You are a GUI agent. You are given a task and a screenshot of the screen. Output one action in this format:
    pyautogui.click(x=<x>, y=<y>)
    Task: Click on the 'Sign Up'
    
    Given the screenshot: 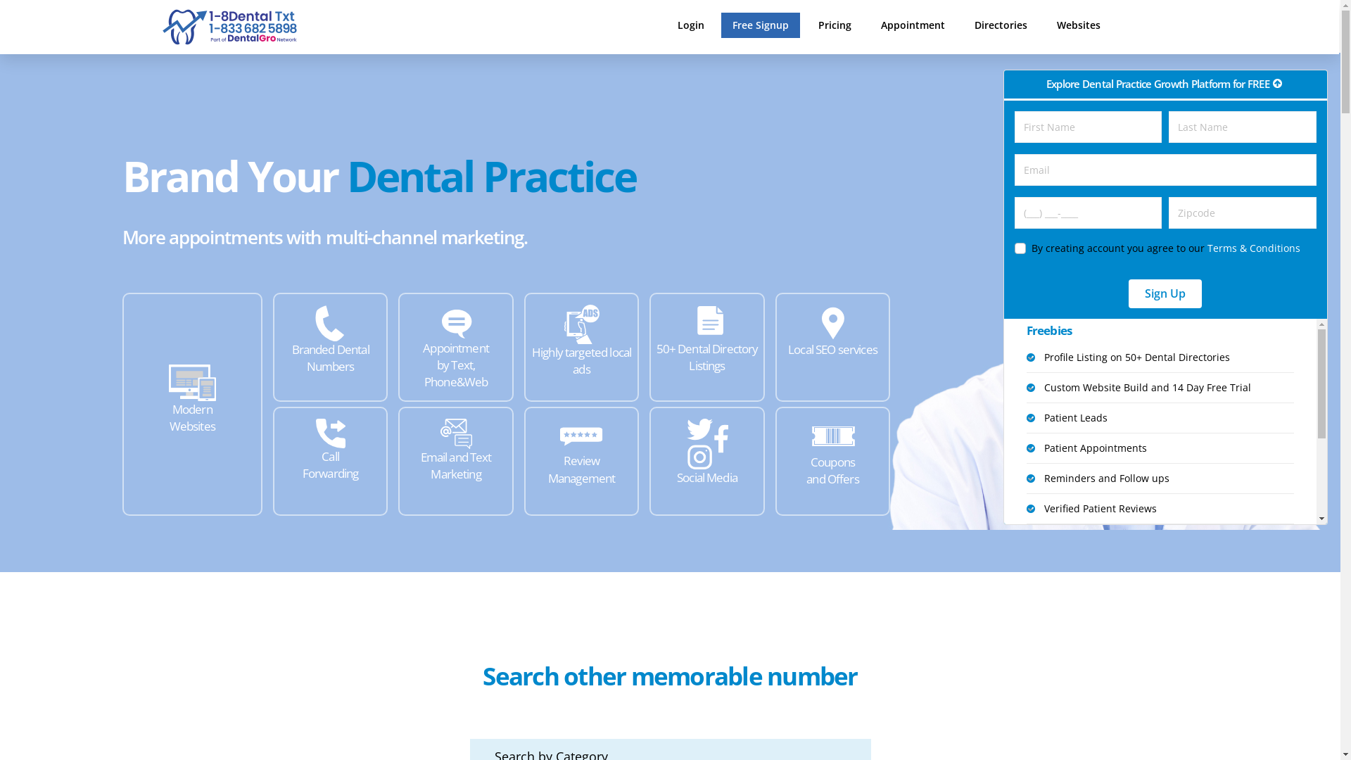 What is the action you would take?
    pyautogui.click(x=1165, y=292)
    